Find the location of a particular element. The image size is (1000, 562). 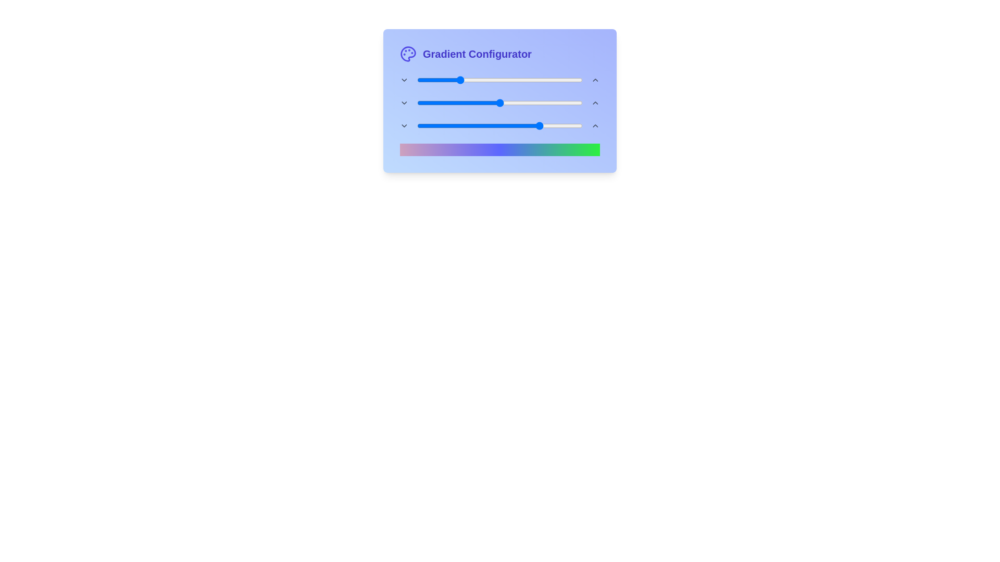

the end gradient slider to 10 is located at coordinates (433, 125).